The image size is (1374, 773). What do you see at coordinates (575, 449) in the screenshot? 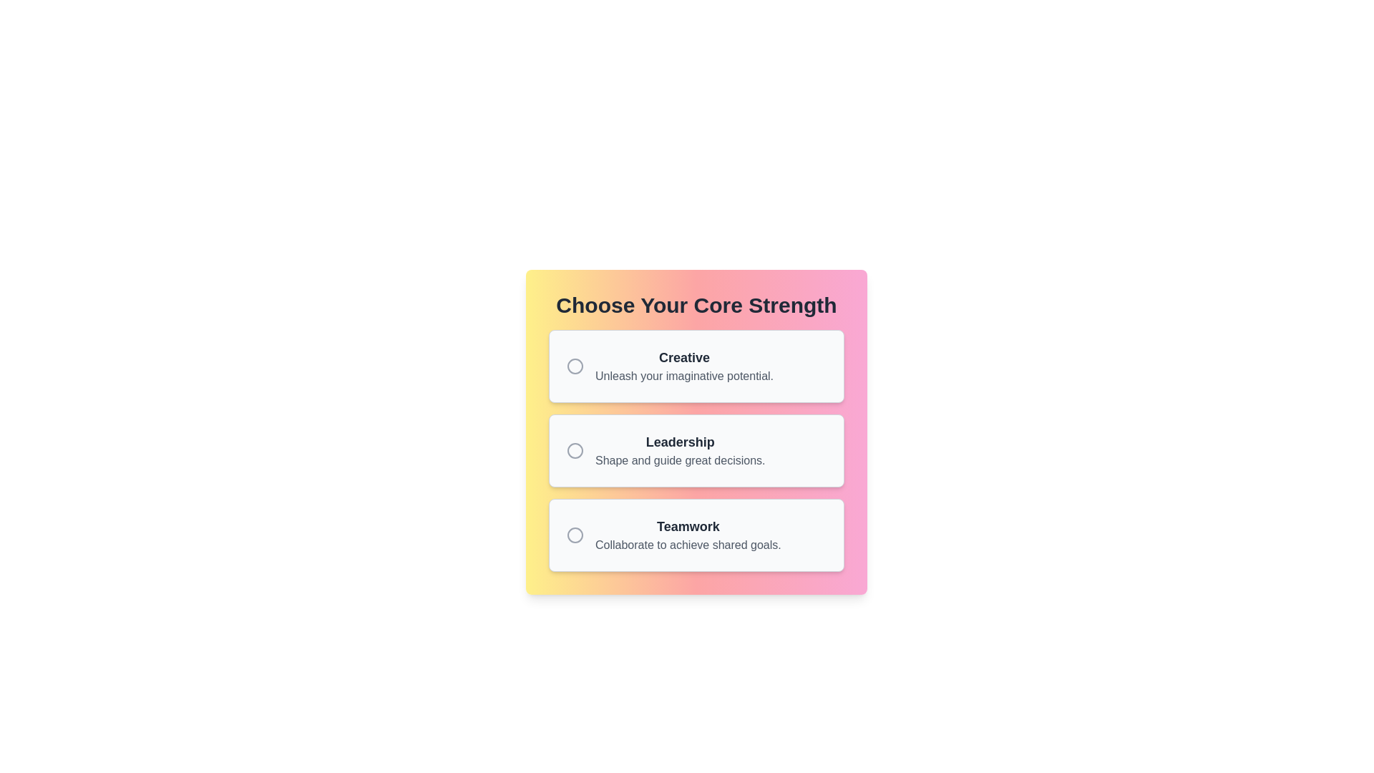
I see `the 'Leadership' radio button located to the left of the 'Leadership' option in the second position of a vertically-oriented list within a framed card` at bounding box center [575, 449].